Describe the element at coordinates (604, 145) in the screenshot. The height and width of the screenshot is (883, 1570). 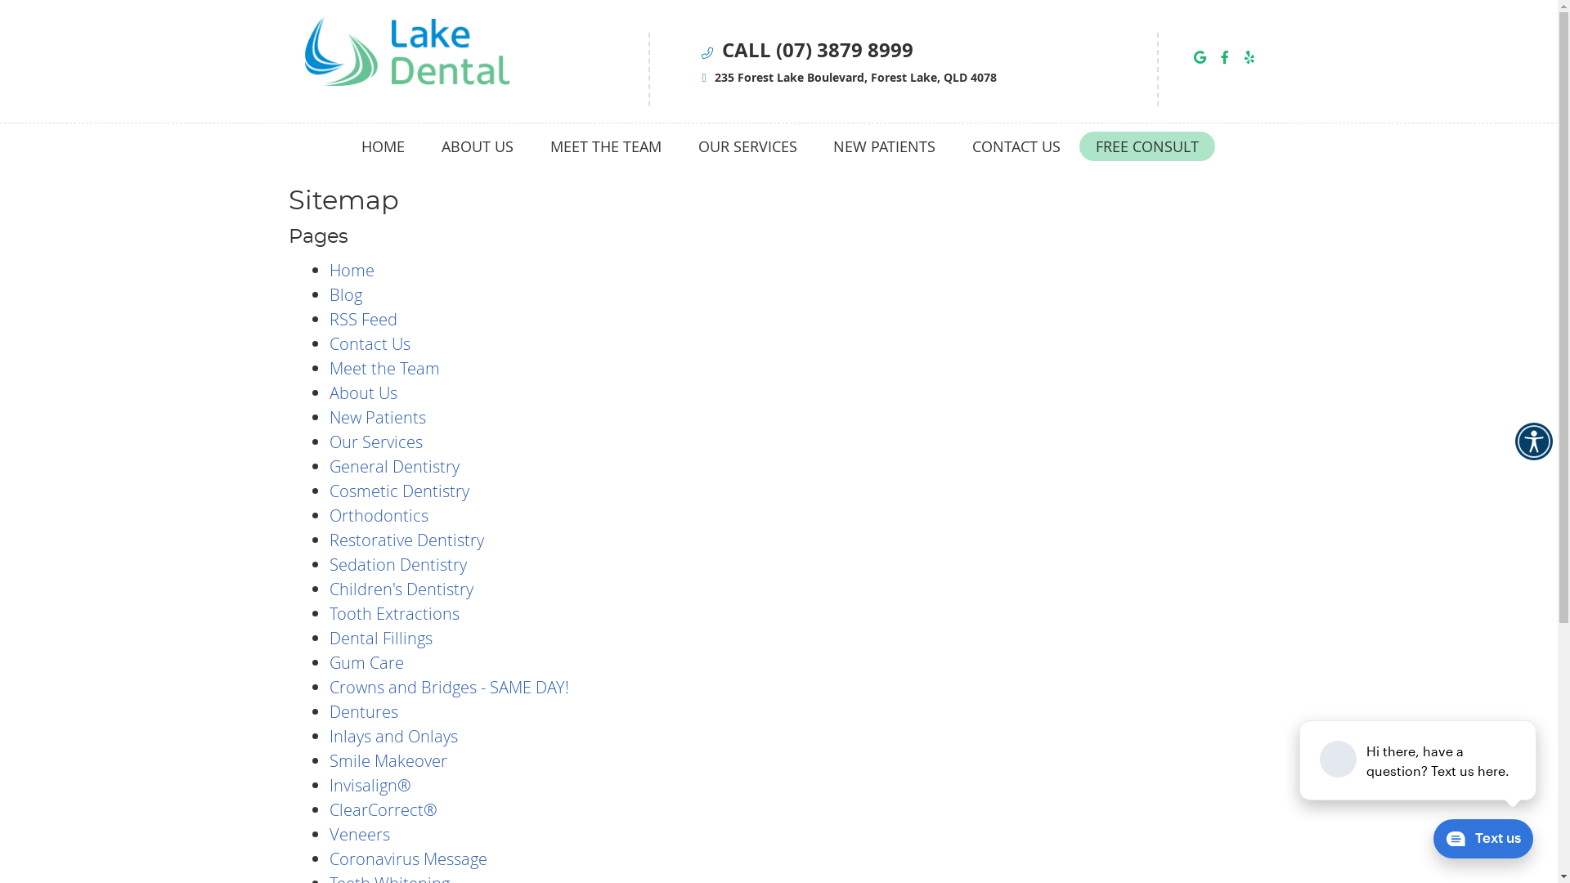
I see `'MEET THE TEAM'` at that location.